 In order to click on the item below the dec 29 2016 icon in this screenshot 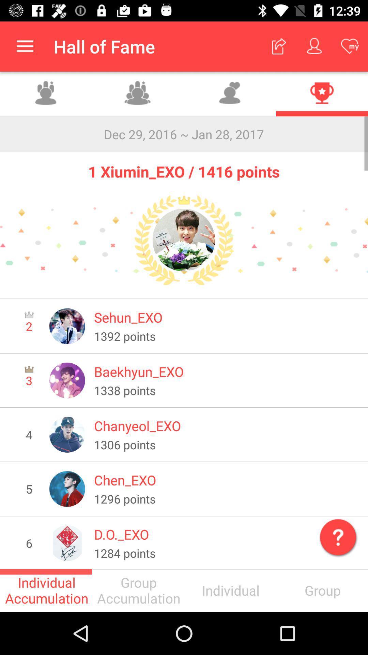, I will do `click(184, 167)`.